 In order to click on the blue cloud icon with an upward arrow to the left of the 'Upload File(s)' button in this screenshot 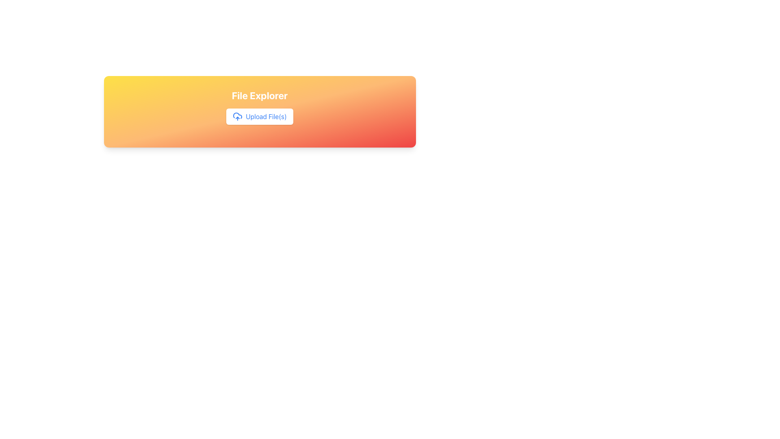, I will do `click(237, 116)`.